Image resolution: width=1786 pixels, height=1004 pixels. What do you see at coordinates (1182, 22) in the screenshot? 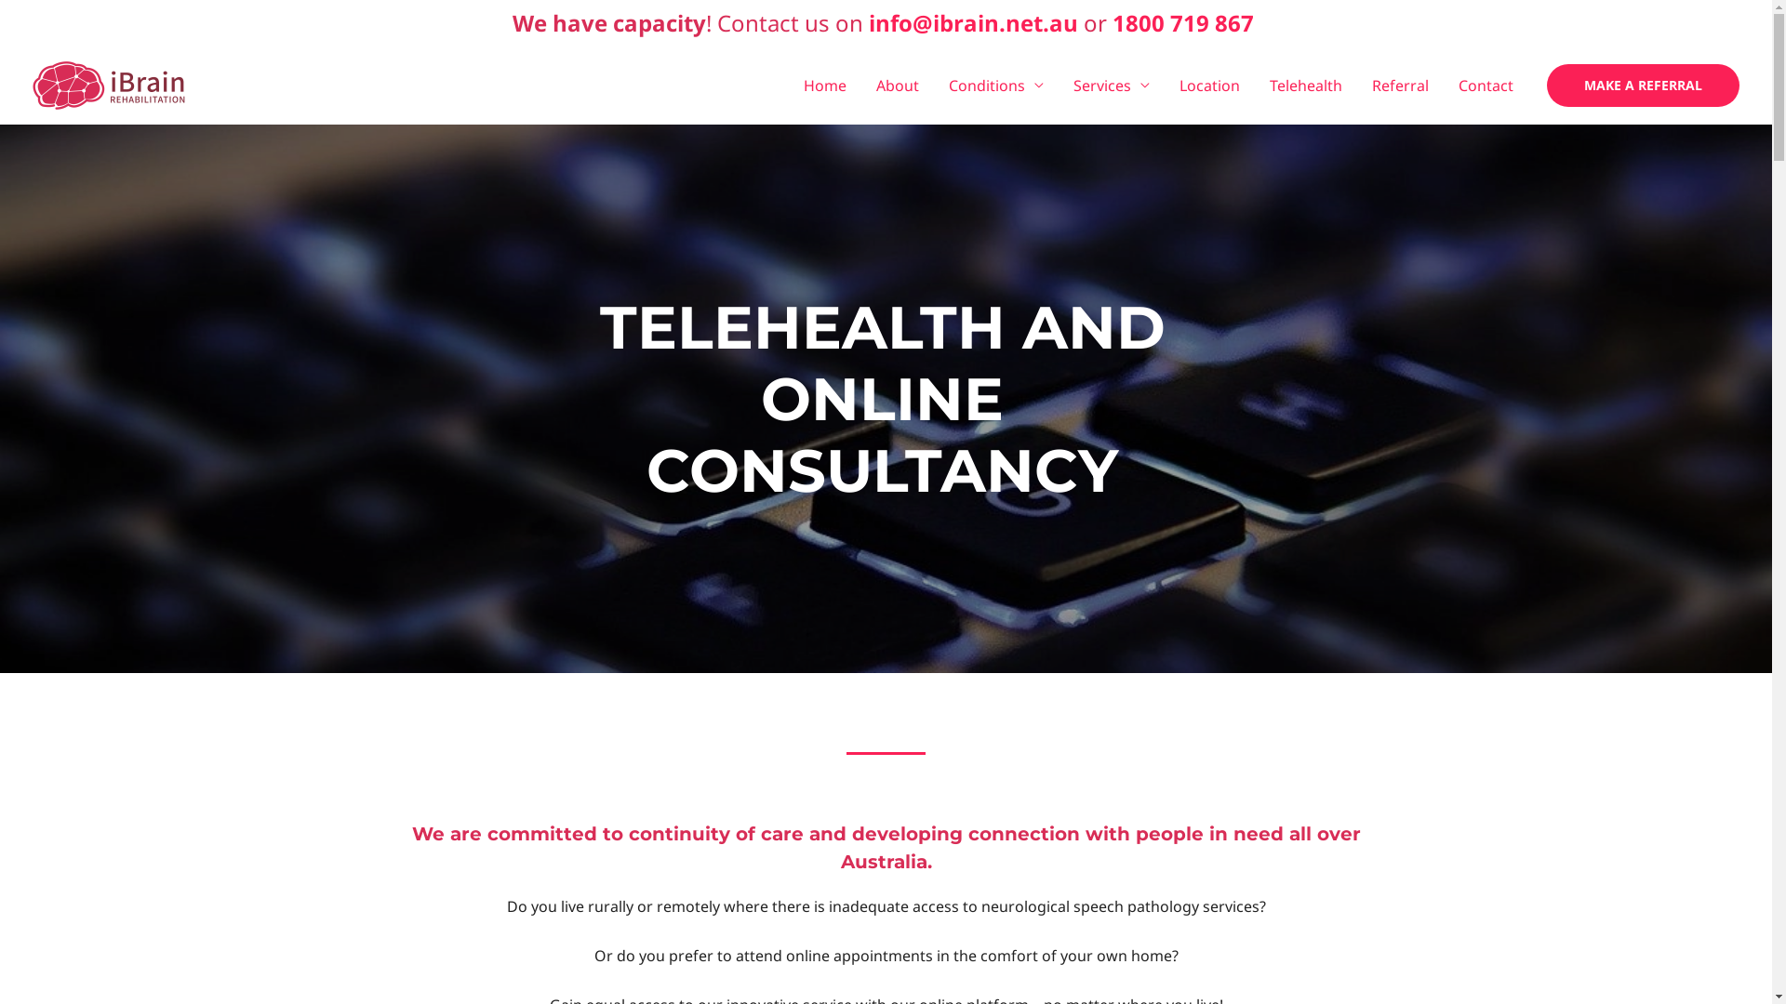
I see `'1800 719 867'` at bounding box center [1182, 22].